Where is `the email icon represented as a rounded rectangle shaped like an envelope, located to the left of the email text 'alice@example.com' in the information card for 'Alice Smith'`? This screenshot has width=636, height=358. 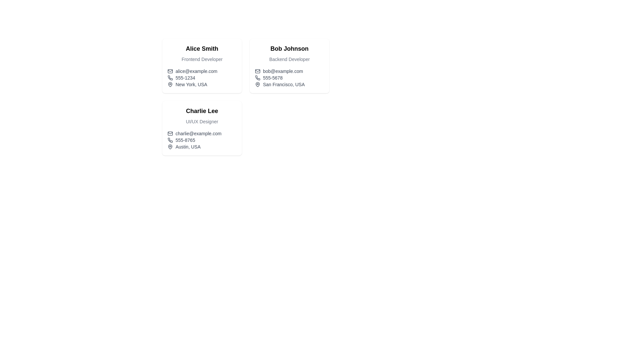 the email icon represented as a rounded rectangle shaped like an envelope, located to the left of the email text 'alice@example.com' in the information card for 'Alice Smith' is located at coordinates (170, 71).